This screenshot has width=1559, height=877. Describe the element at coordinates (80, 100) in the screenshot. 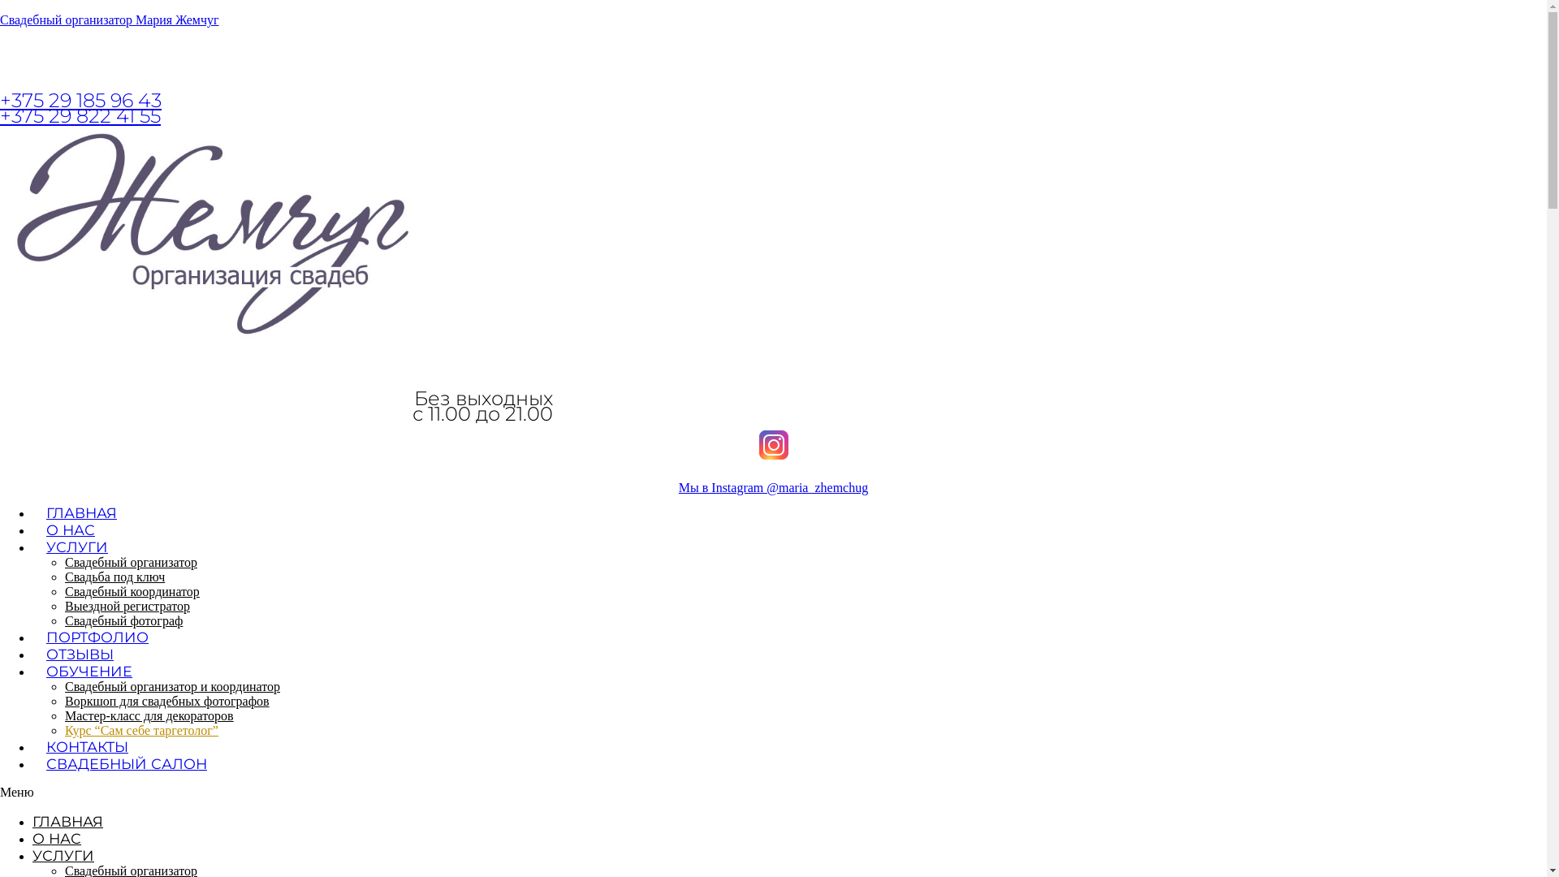

I see `'+375 29 185 96 43'` at that location.